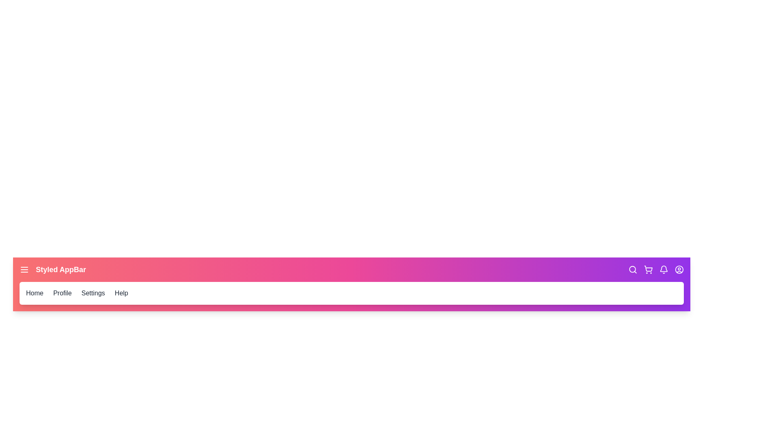  Describe the element at coordinates (24, 270) in the screenshot. I see `the hamburger menu icon to toggle the menu` at that location.